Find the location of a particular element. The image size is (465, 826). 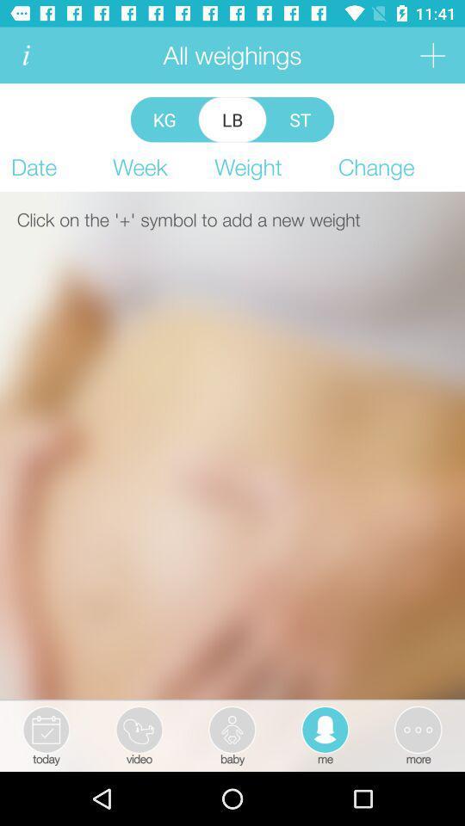

the icon above week app is located at coordinates (164, 119).